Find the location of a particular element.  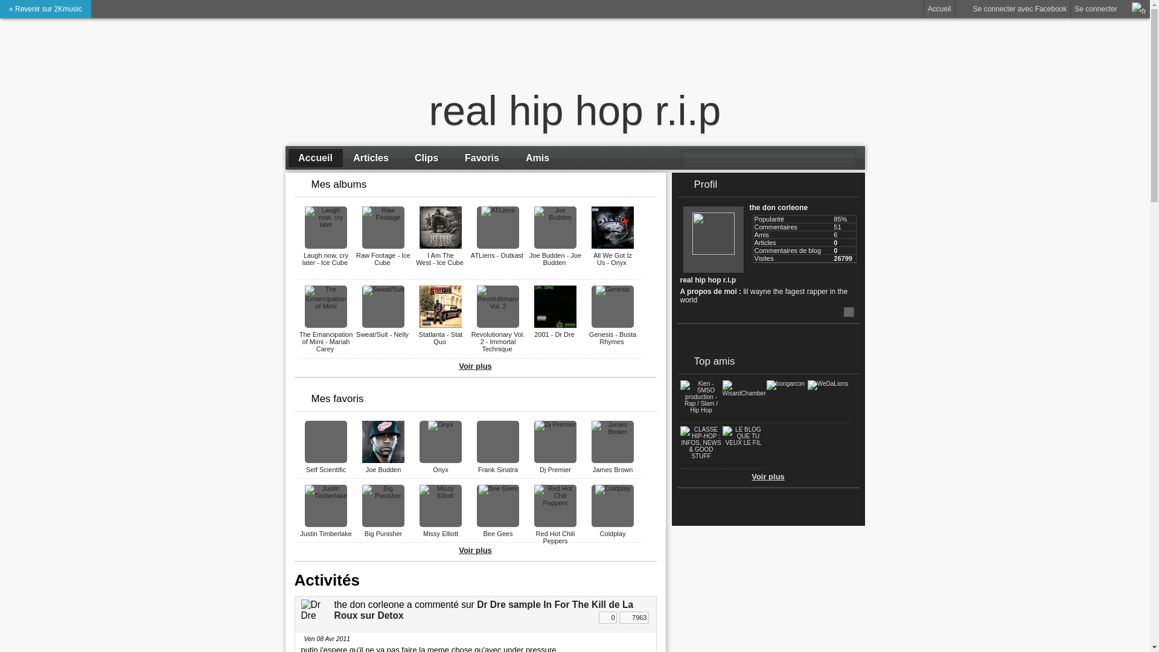

' Se connecter avec Facebook' is located at coordinates (955, 9).